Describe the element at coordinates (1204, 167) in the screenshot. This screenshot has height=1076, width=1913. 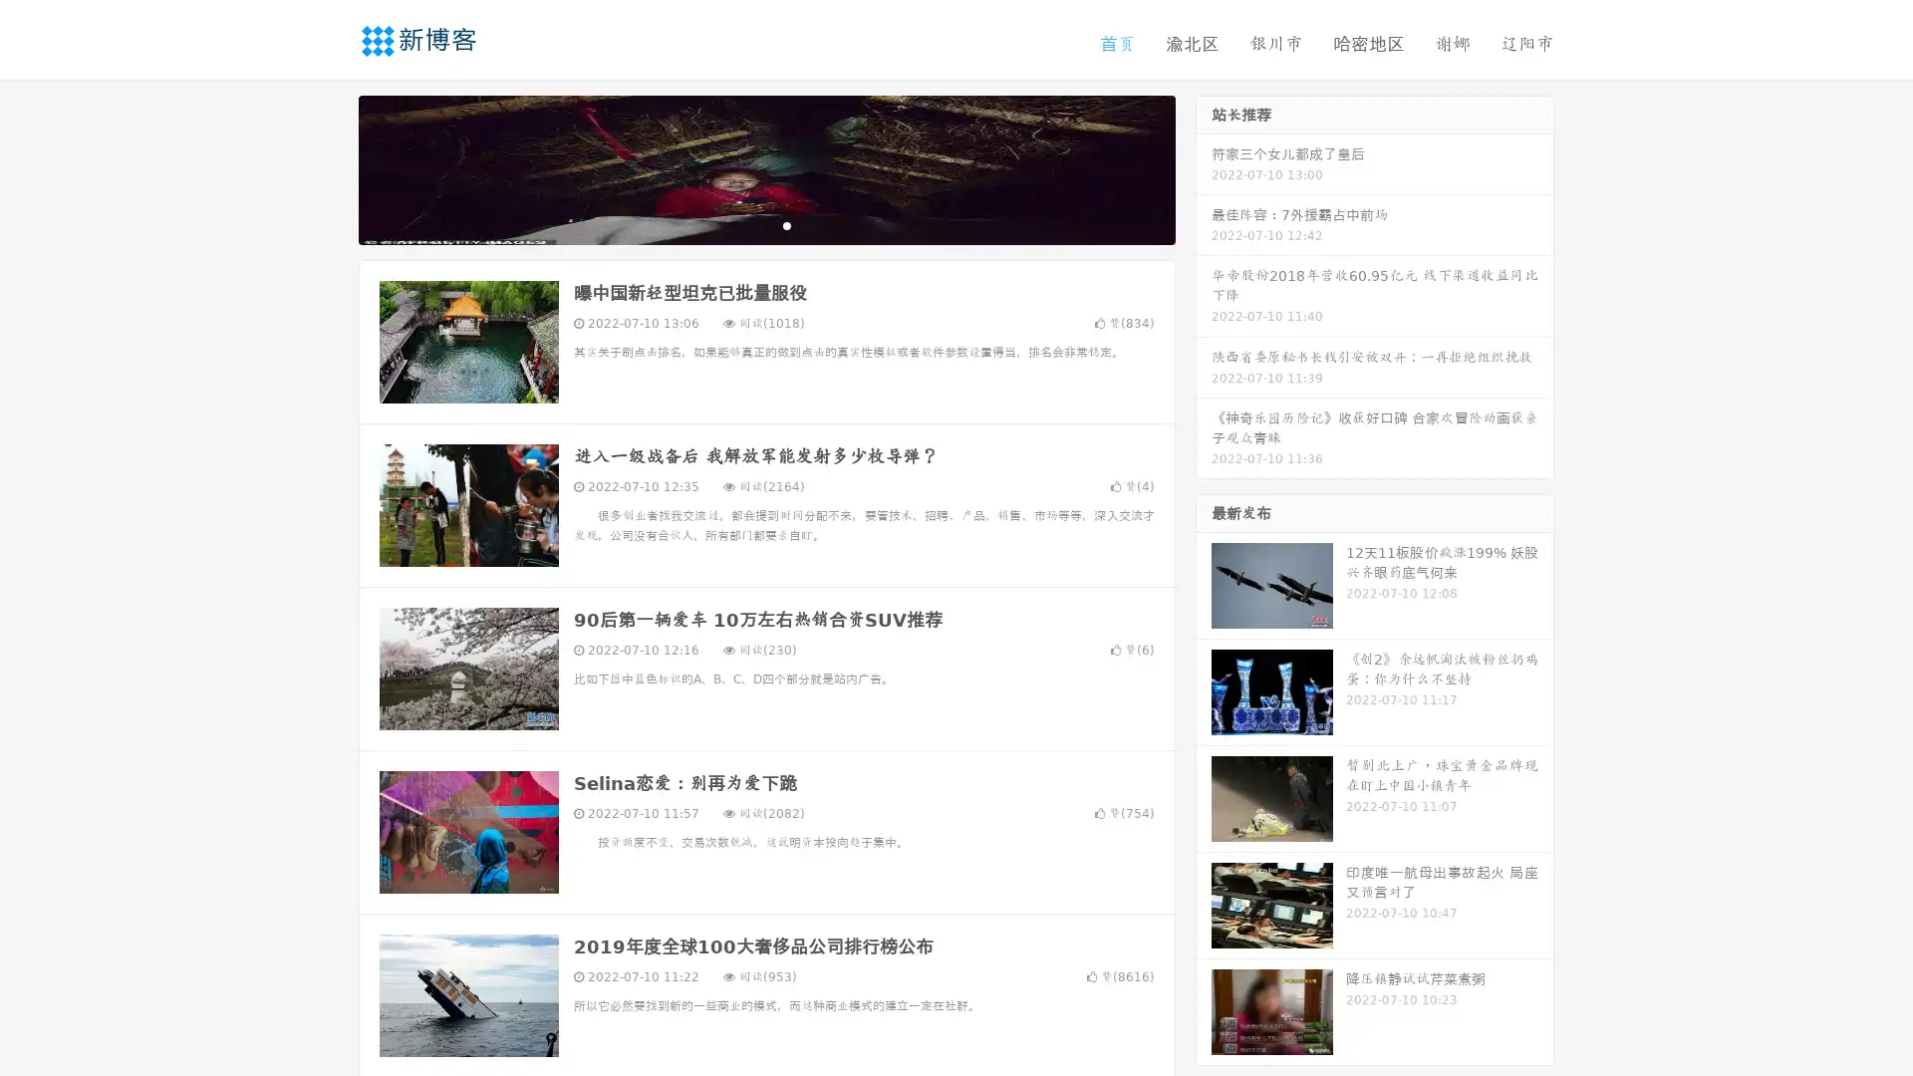
I see `Next slide` at that location.